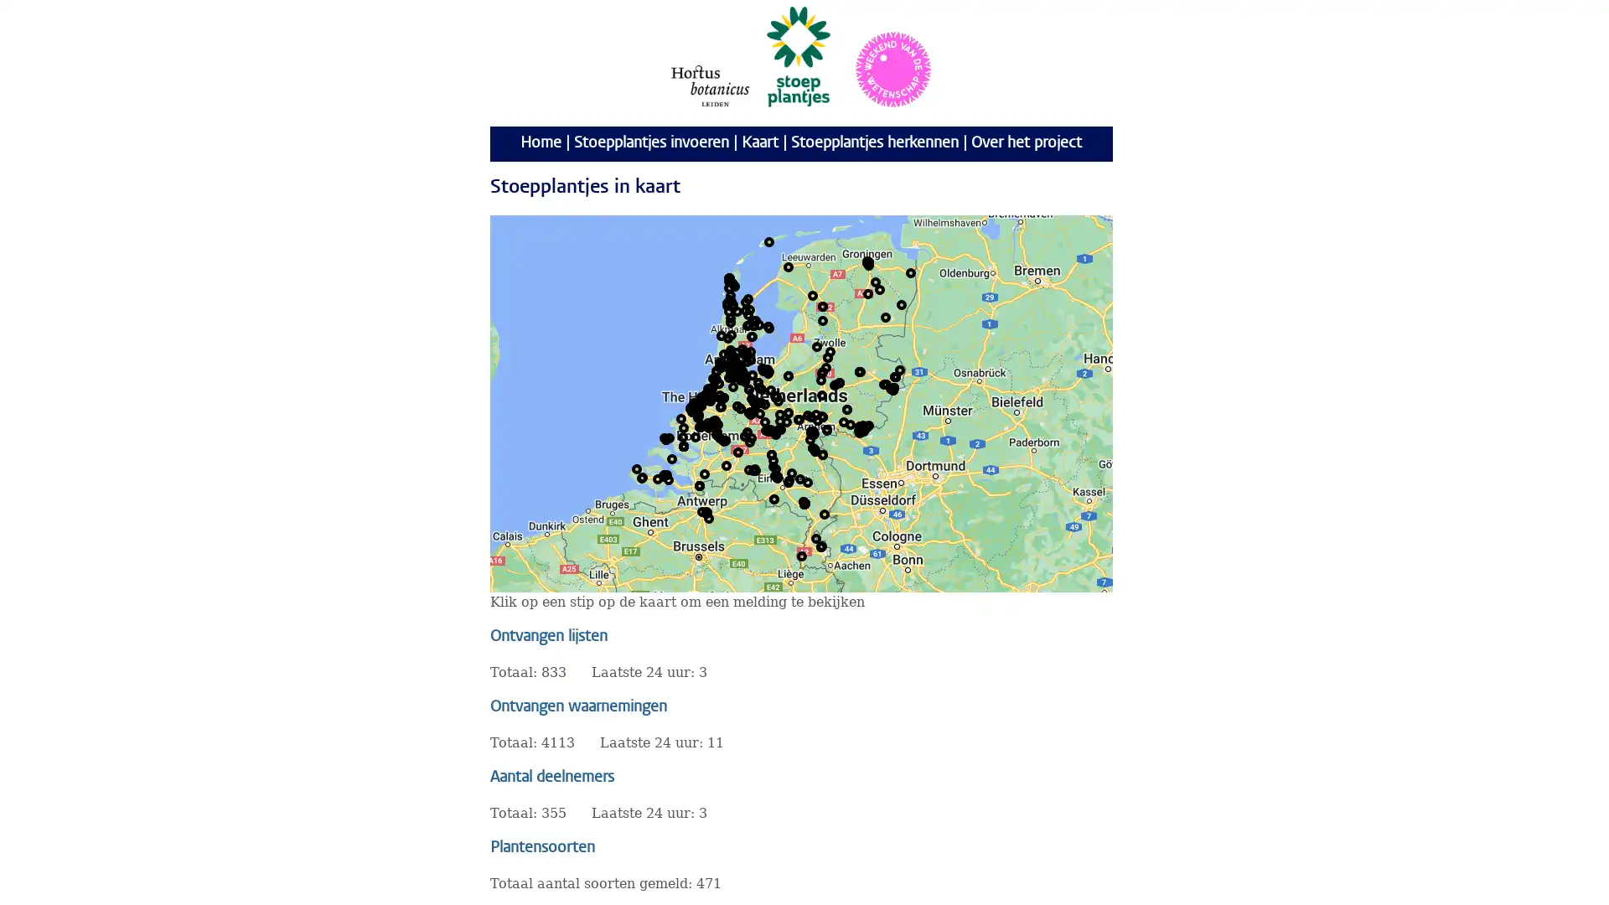 The height and width of the screenshot is (905, 1609). What do you see at coordinates (707, 510) in the screenshot?
I see `Telling van op 28 oktober 2021` at bounding box center [707, 510].